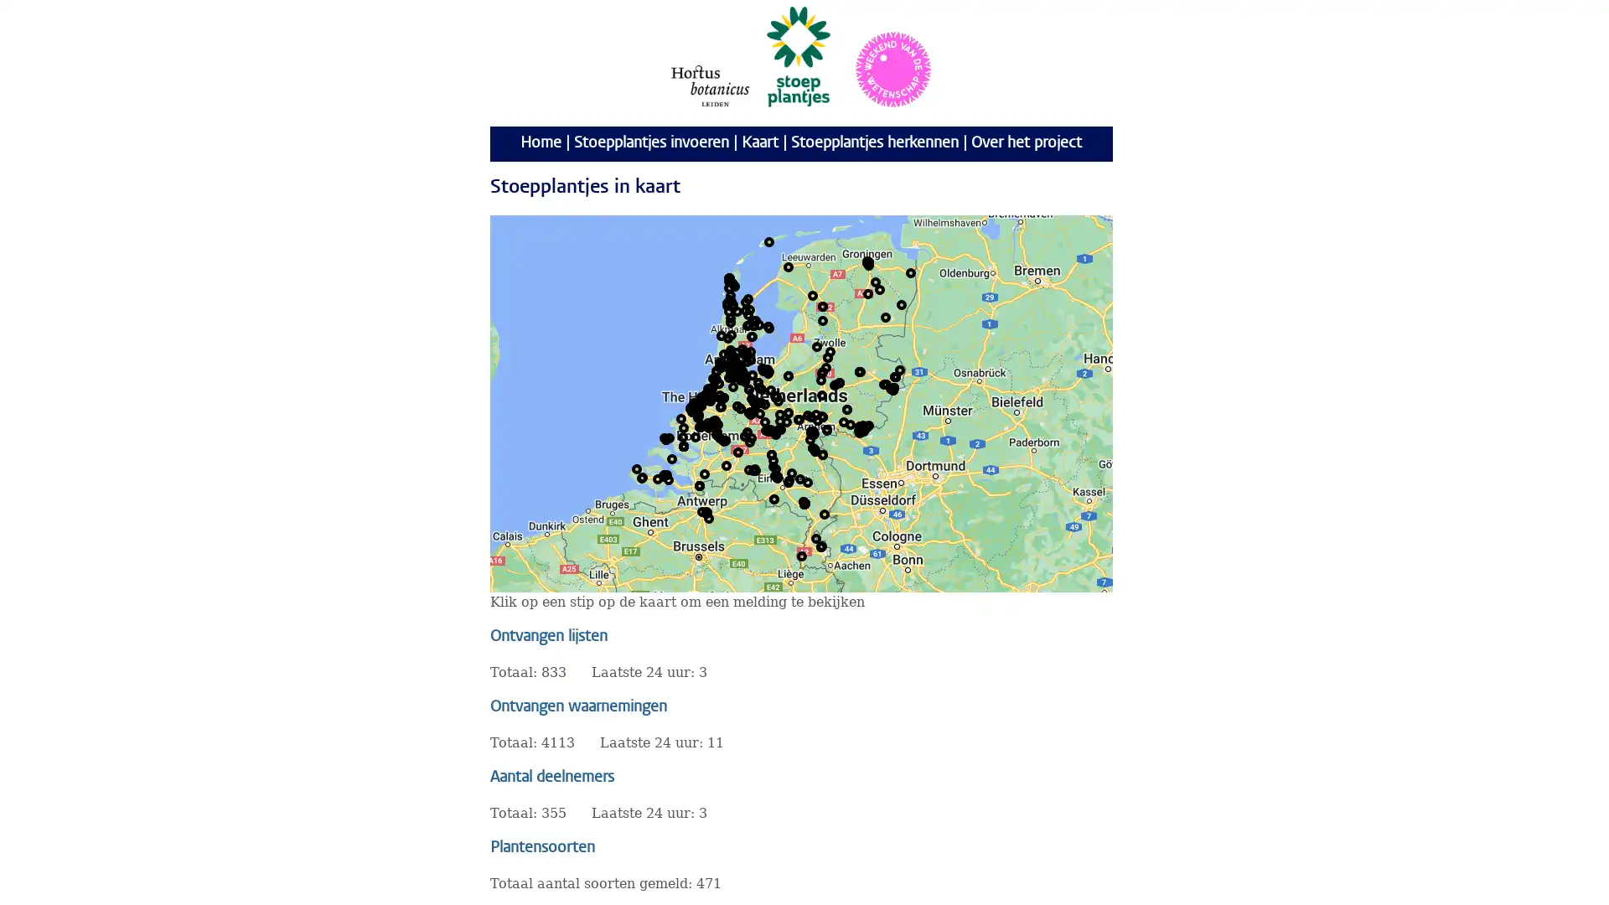 The height and width of the screenshot is (905, 1609). What do you see at coordinates (707, 510) in the screenshot?
I see `Telling van op 28 oktober 2021` at bounding box center [707, 510].